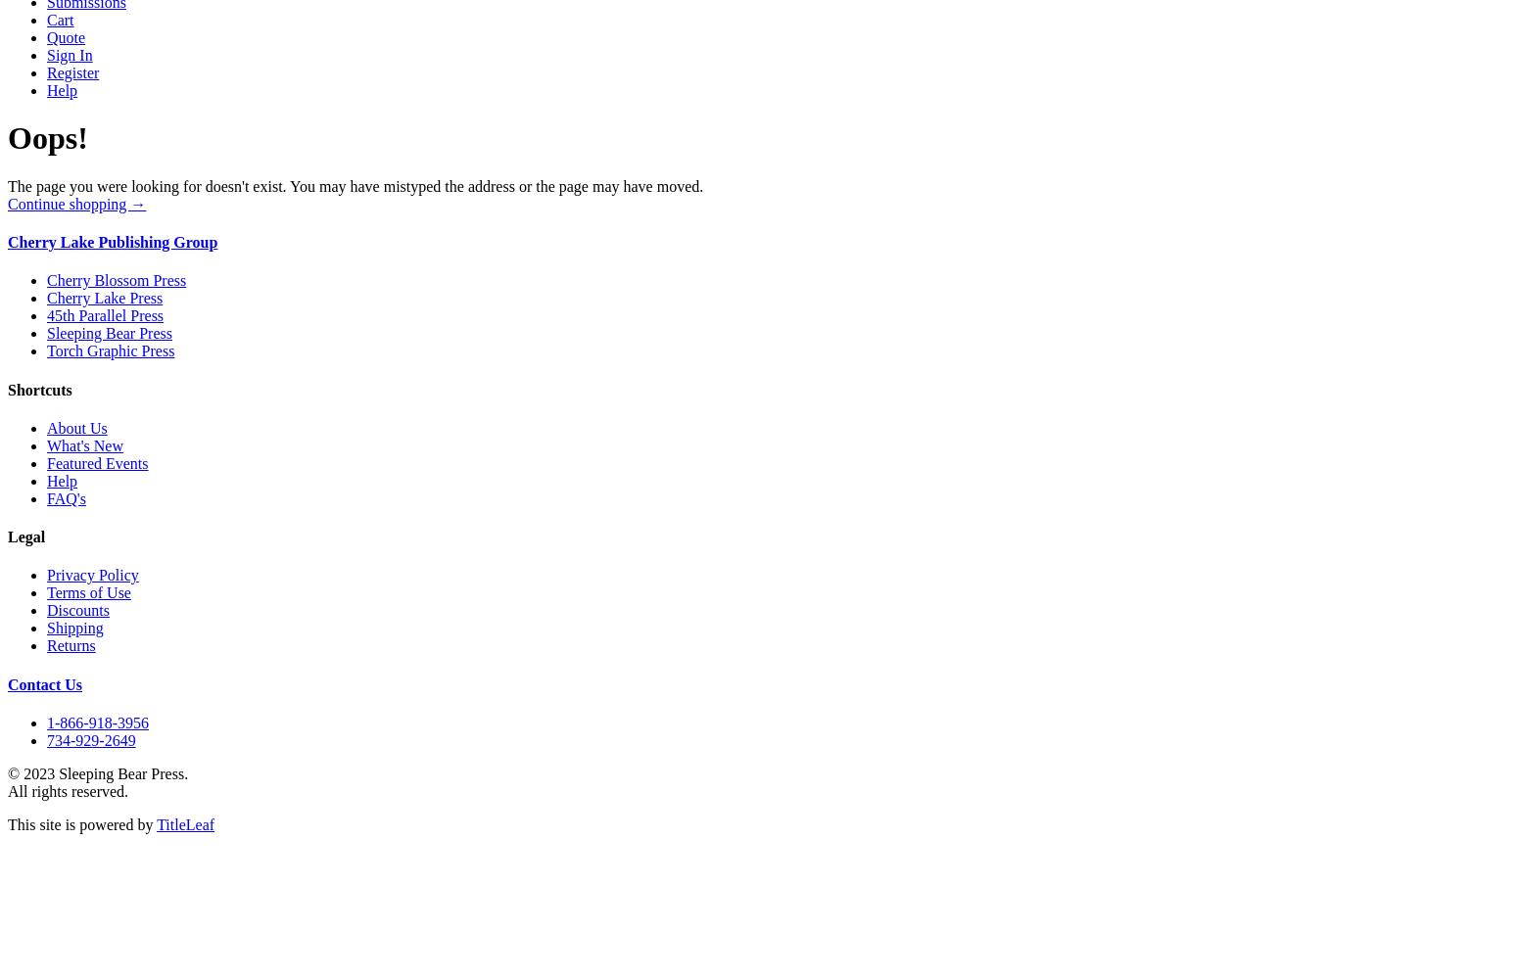 Image resolution: width=1518 pixels, height=979 pixels. Describe the element at coordinates (46, 443) in the screenshot. I see `'What's New'` at that location.